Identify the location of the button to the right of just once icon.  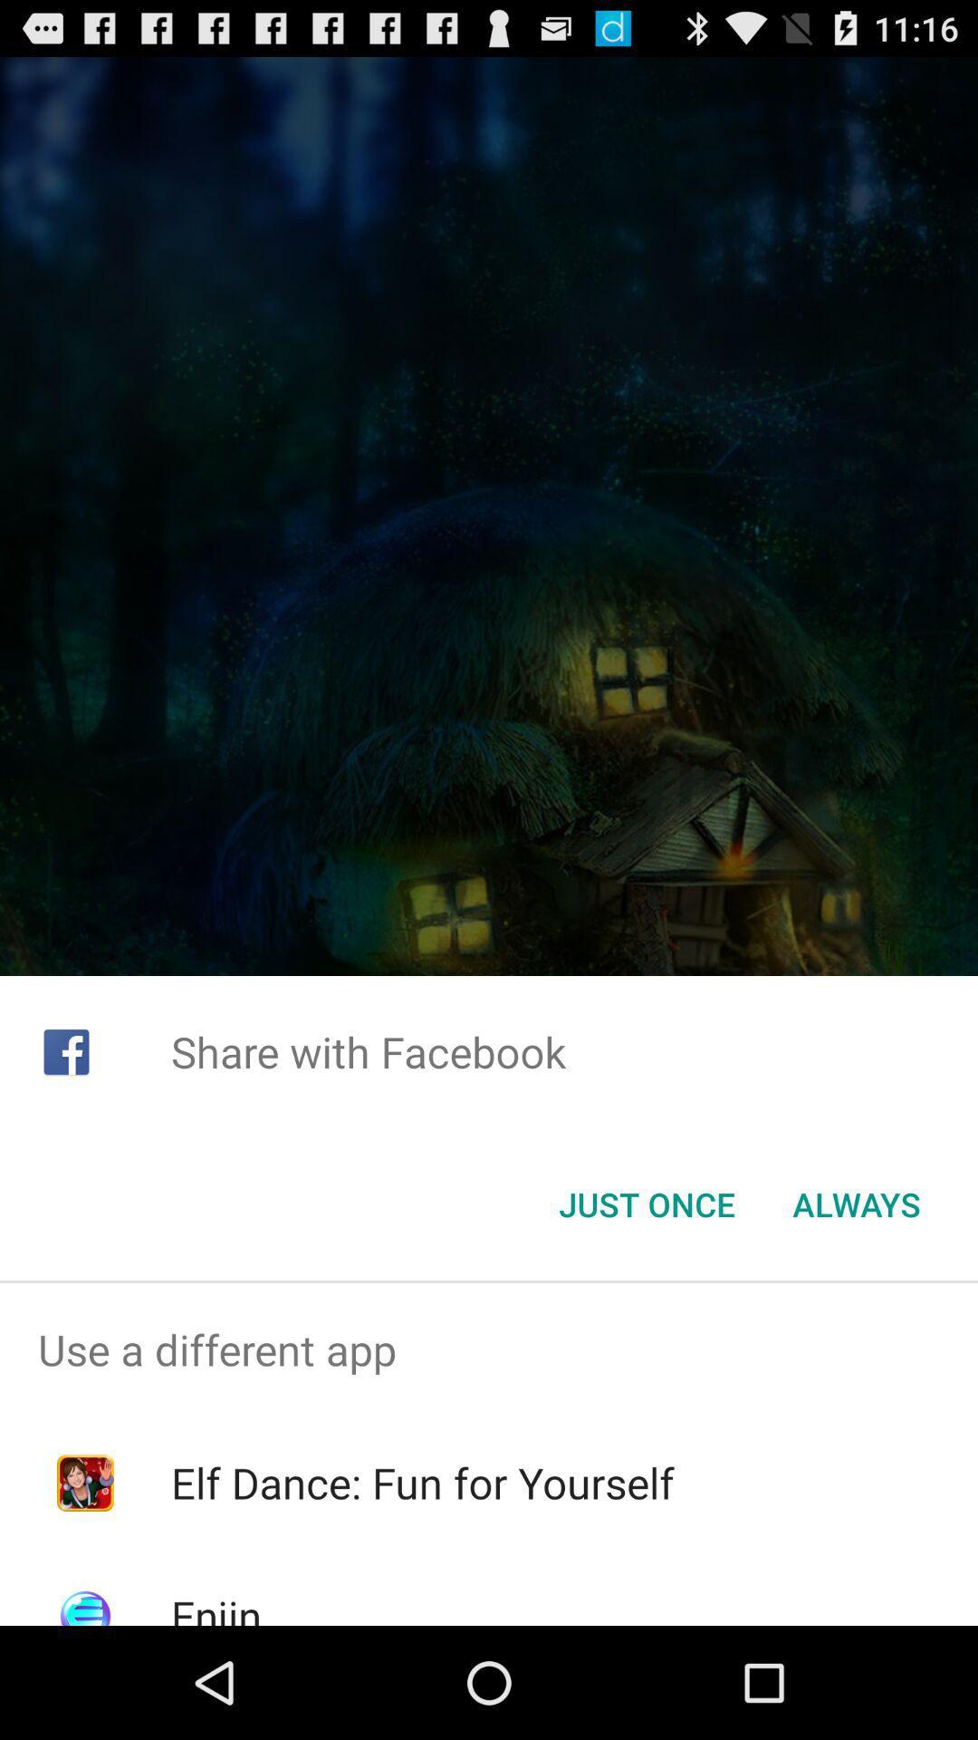
(856, 1204).